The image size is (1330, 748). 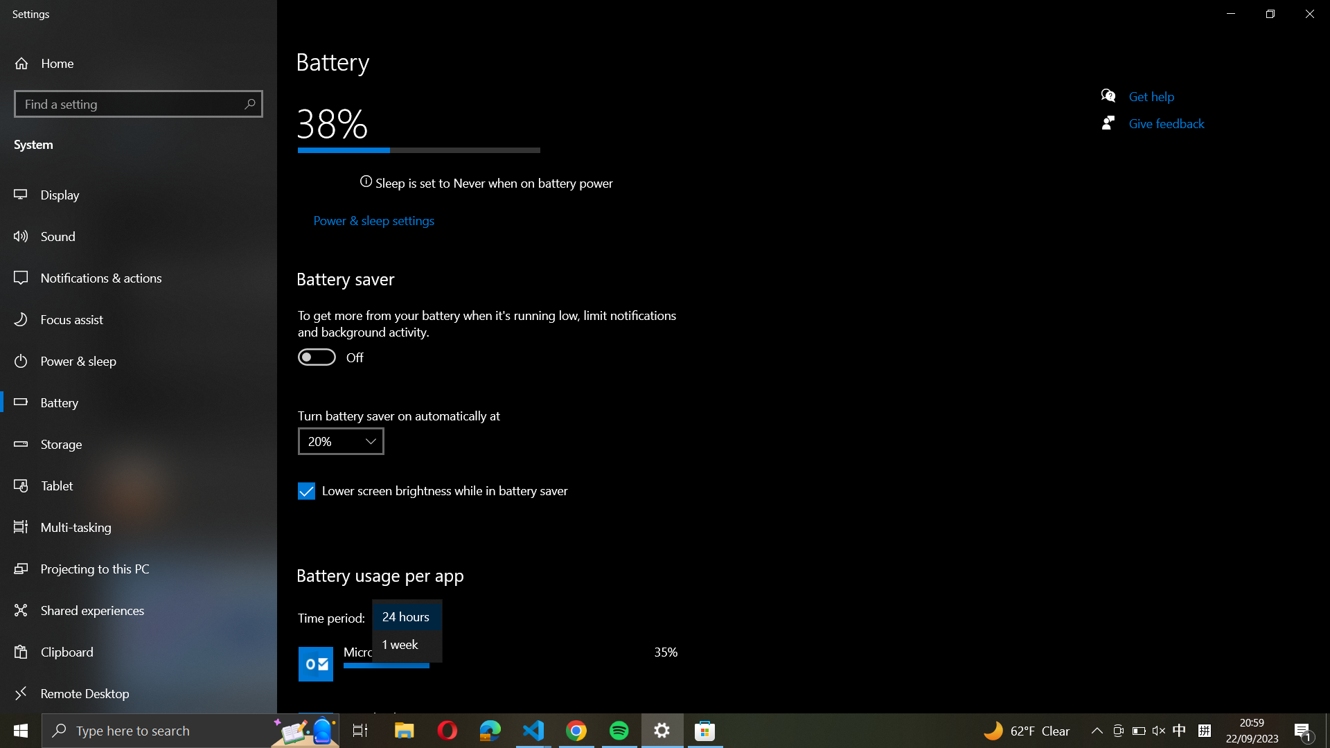 What do you see at coordinates (269990, 749870) in the screenshot?
I see `Move to the remote desktop area on the left panel and scroll down to reveal more configurations` at bounding box center [269990, 749870].